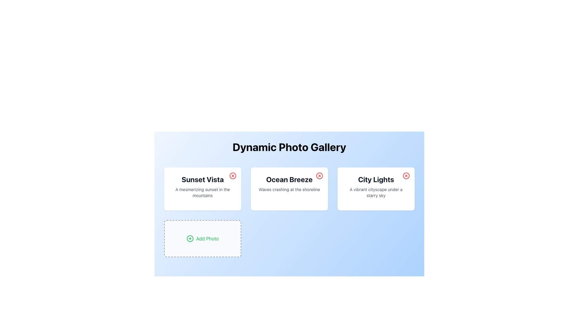 The width and height of the screenshot is (574, 323). I want to click on the card element titled 'Ocean Breeze', which features a white background, rounded corners, and contains a large dark-blue title and a smaller gray subtitle, positioned in a horizontal grid layout as the second card, so click(289, 189).